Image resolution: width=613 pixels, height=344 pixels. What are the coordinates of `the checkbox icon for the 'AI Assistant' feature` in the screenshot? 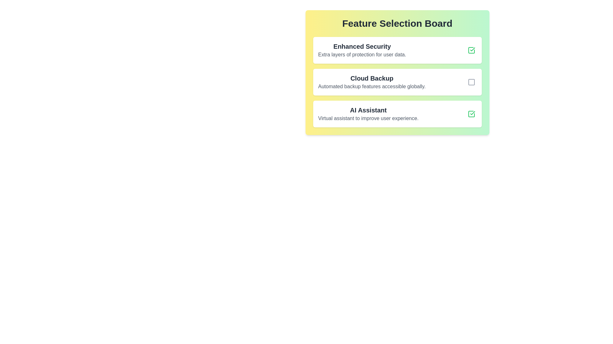 It's located at (471, 114).